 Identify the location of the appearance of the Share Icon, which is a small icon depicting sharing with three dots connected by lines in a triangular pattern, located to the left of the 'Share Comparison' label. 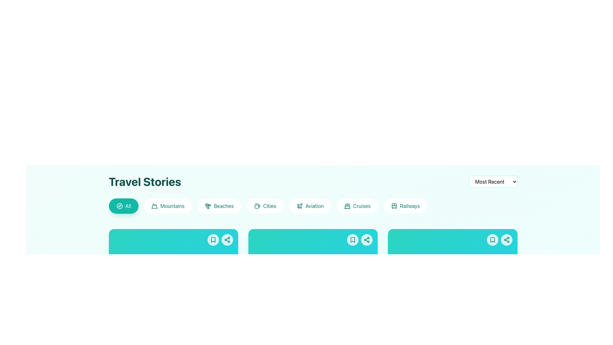
(464, 182).